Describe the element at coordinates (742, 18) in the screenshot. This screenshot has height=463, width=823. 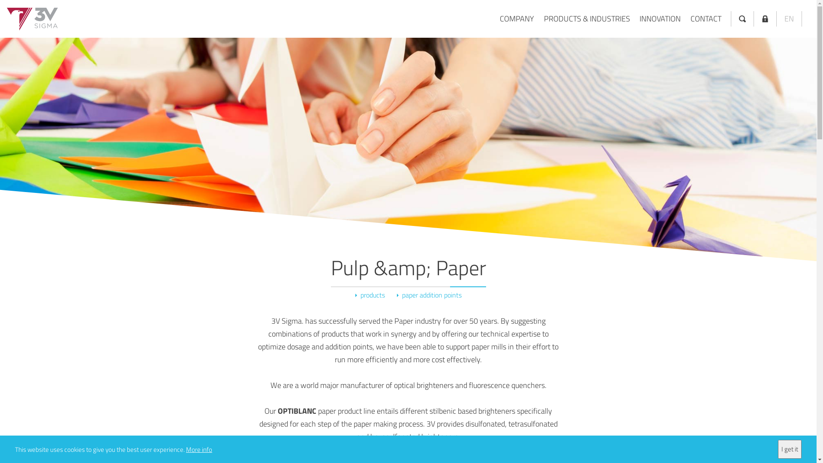
I see `'Search'` at that location.